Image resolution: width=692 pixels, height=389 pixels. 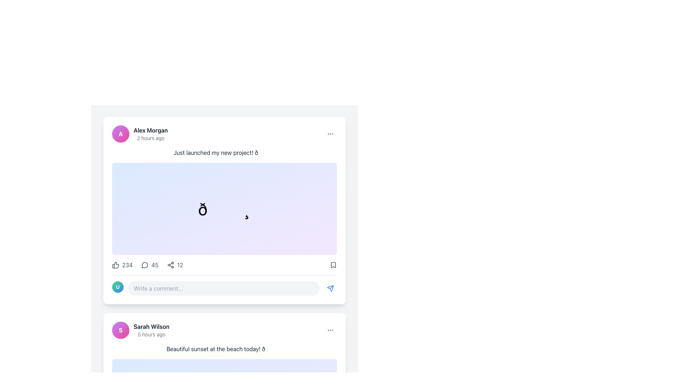 What do you see at coordinates (330, 134) in the screenshot?
I see `the middle circular dot of the horizontally aligned ellipsis icon located in the top-right corner of the user's post card` at bounding box center [330, 134].